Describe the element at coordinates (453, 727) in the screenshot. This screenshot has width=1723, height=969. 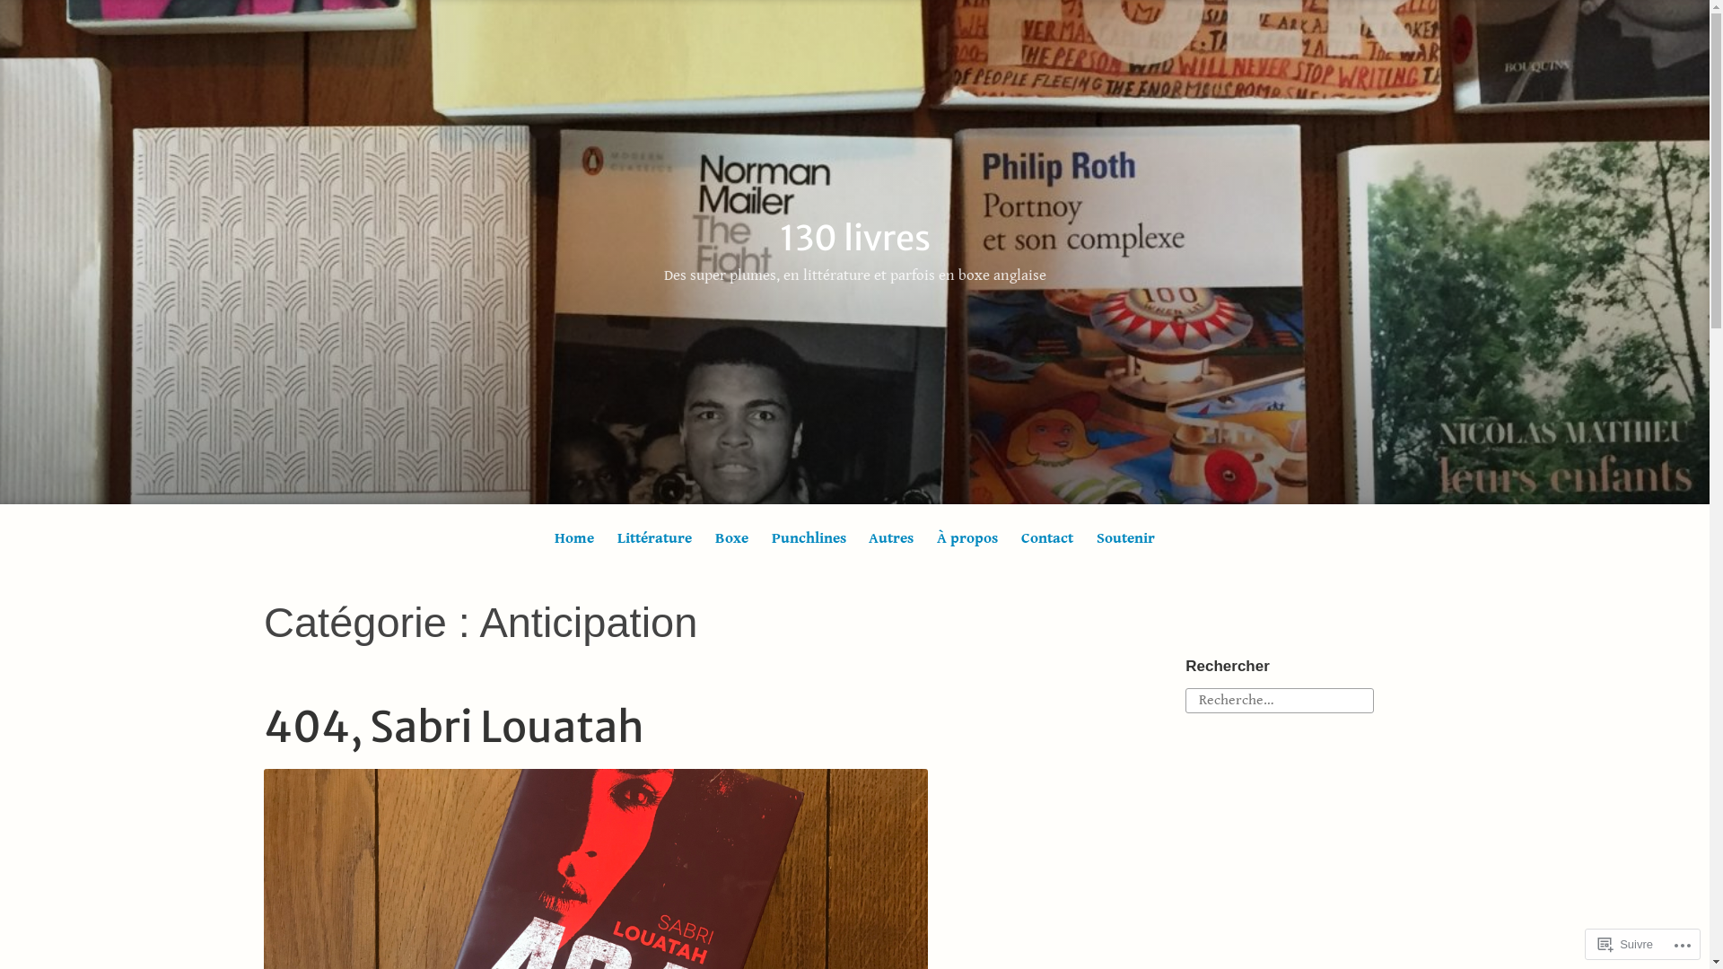
I see `'404, Sabri Louatah'` at that location.